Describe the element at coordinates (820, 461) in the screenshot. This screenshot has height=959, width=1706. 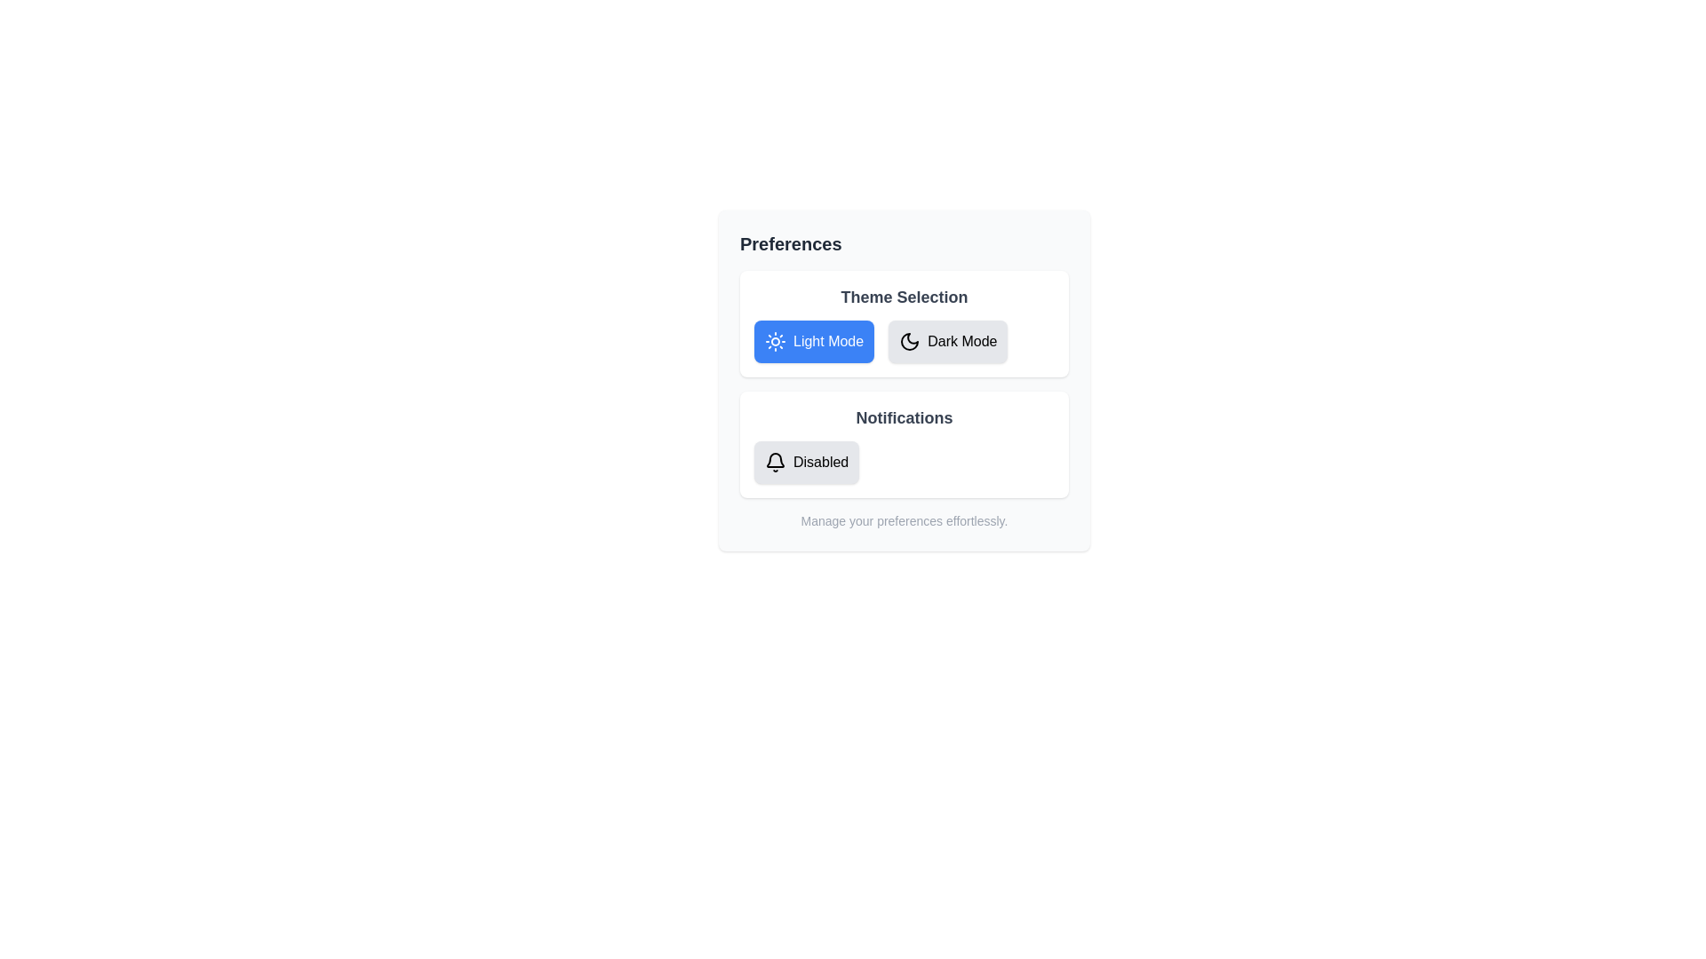
I see `the static text label displaying 'Disabled' located in the Notifications section of the Preferences interface for information access` at that location.